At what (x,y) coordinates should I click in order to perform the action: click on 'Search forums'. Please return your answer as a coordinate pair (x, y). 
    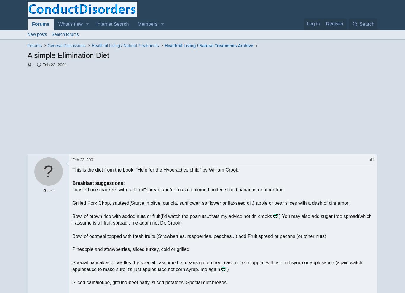
    Looking at the image, I should click on (65, 34).